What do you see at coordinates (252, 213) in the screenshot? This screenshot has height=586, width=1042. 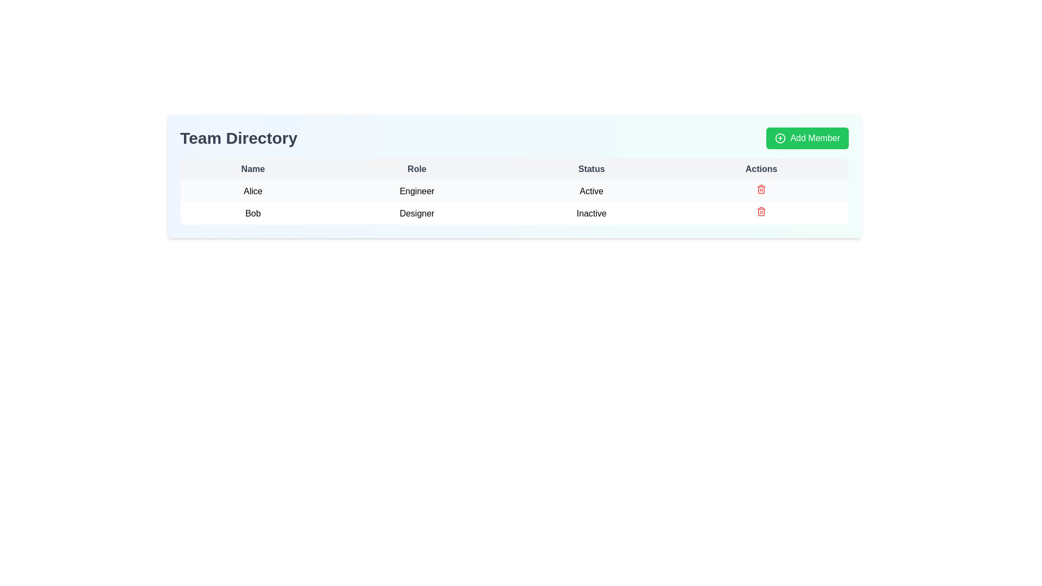 I see `text of the label displaying a name in the second row of the team directory table, located in the 'Name' column` at bounding box center [252, 213].